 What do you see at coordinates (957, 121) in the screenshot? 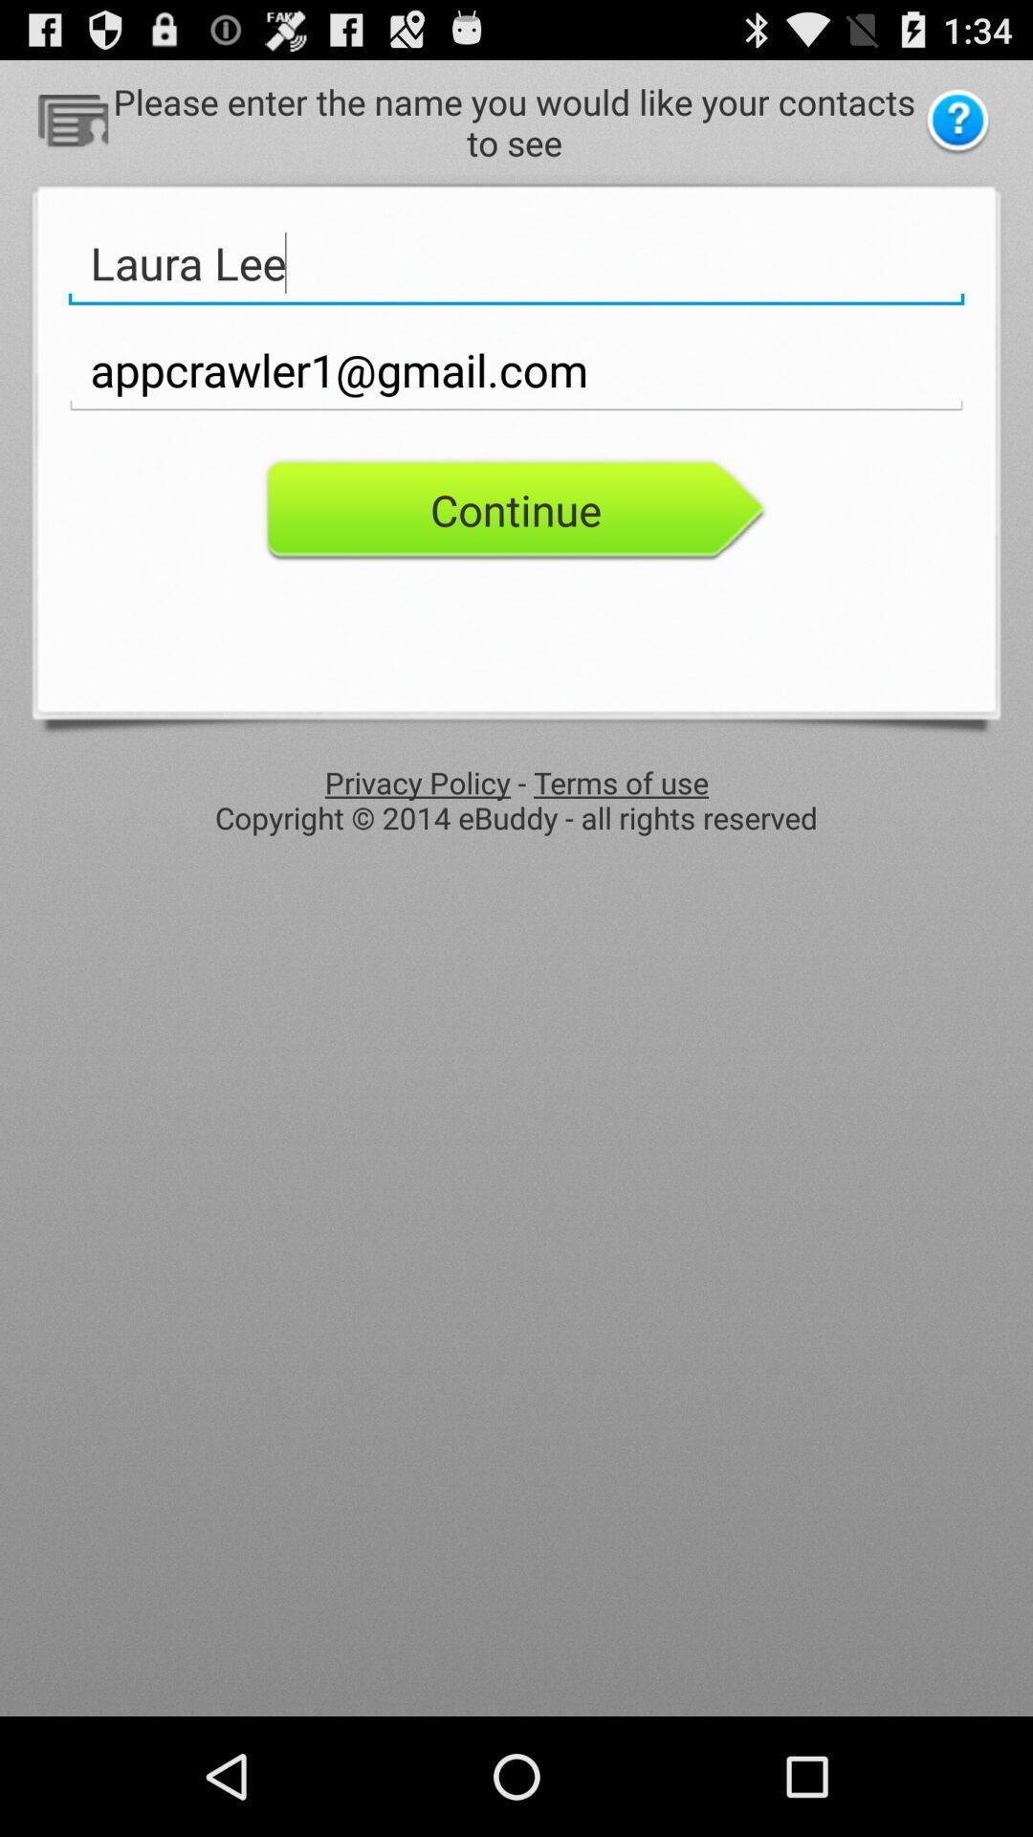
I see `help to know` at bounding box center [957, 121].